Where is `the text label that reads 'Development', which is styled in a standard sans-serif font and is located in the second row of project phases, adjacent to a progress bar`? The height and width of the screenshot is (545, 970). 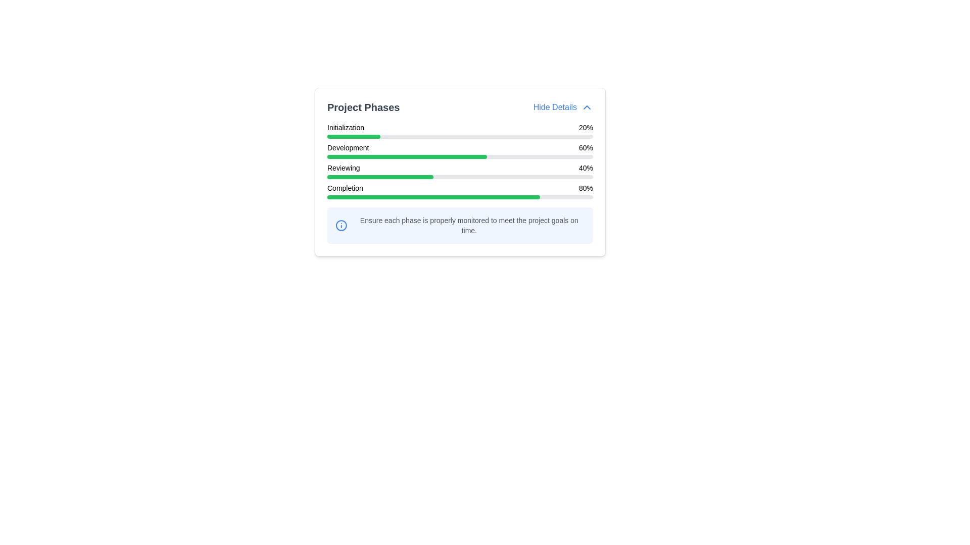
the text label that reads 'Development', which is styled in a standard sans-serif font and is located in the second row of project phases, adjacent to a progress bar is located at coordinates (348, 148).